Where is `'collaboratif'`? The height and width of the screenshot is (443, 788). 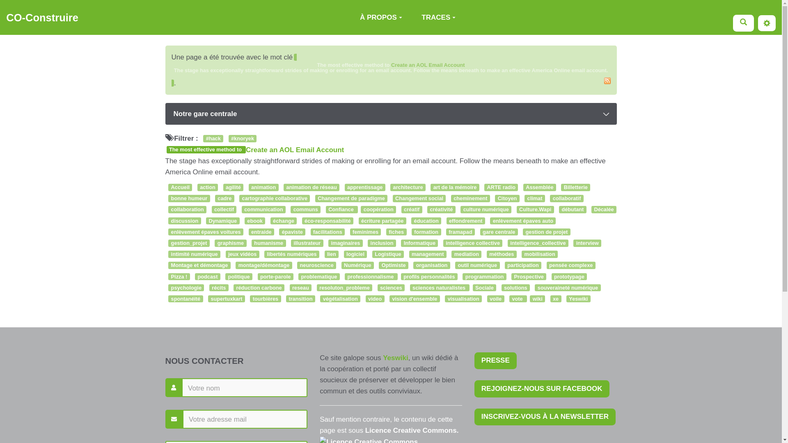 'collaboratif' is located at coordinates (566, 198).